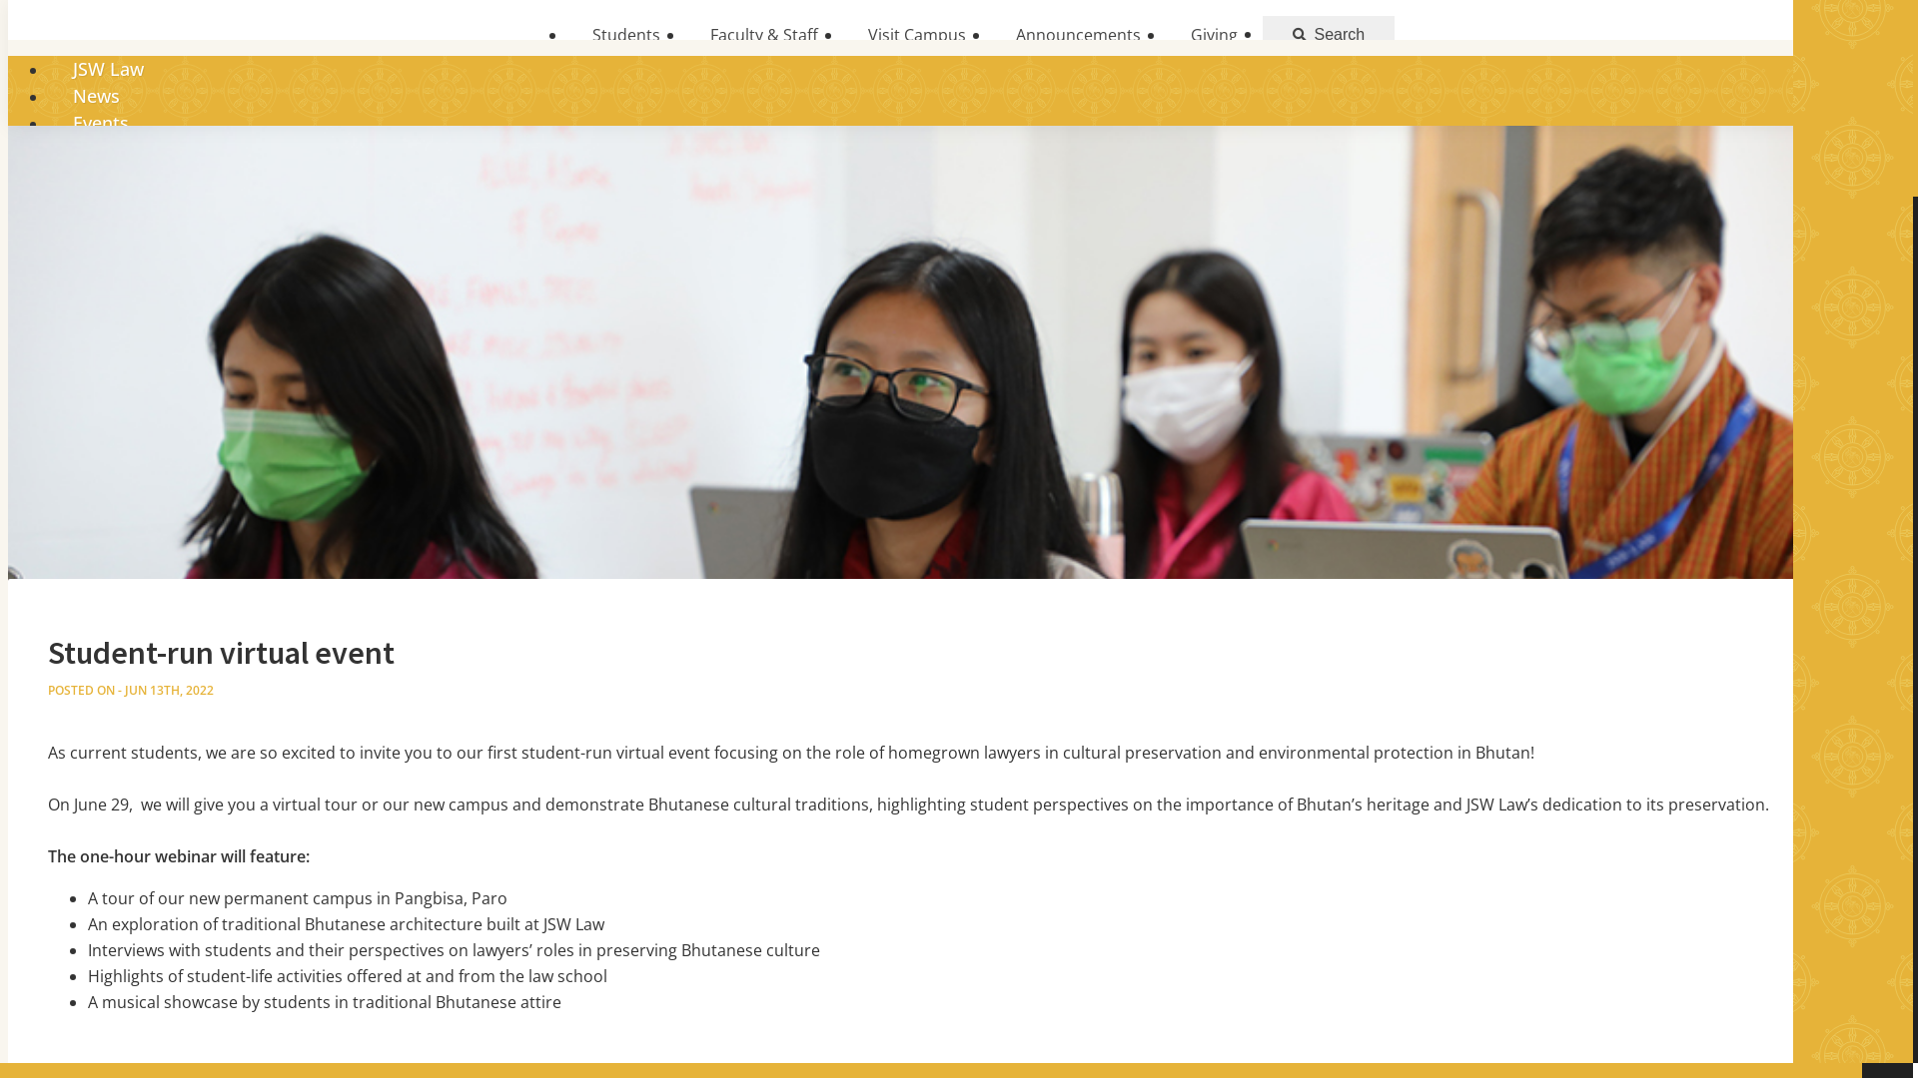 This screenshot has height=1078, width=1918. Describe the element at coordinates (915, 34) in the screenshot. I see `'Visit Campus'` at that location.